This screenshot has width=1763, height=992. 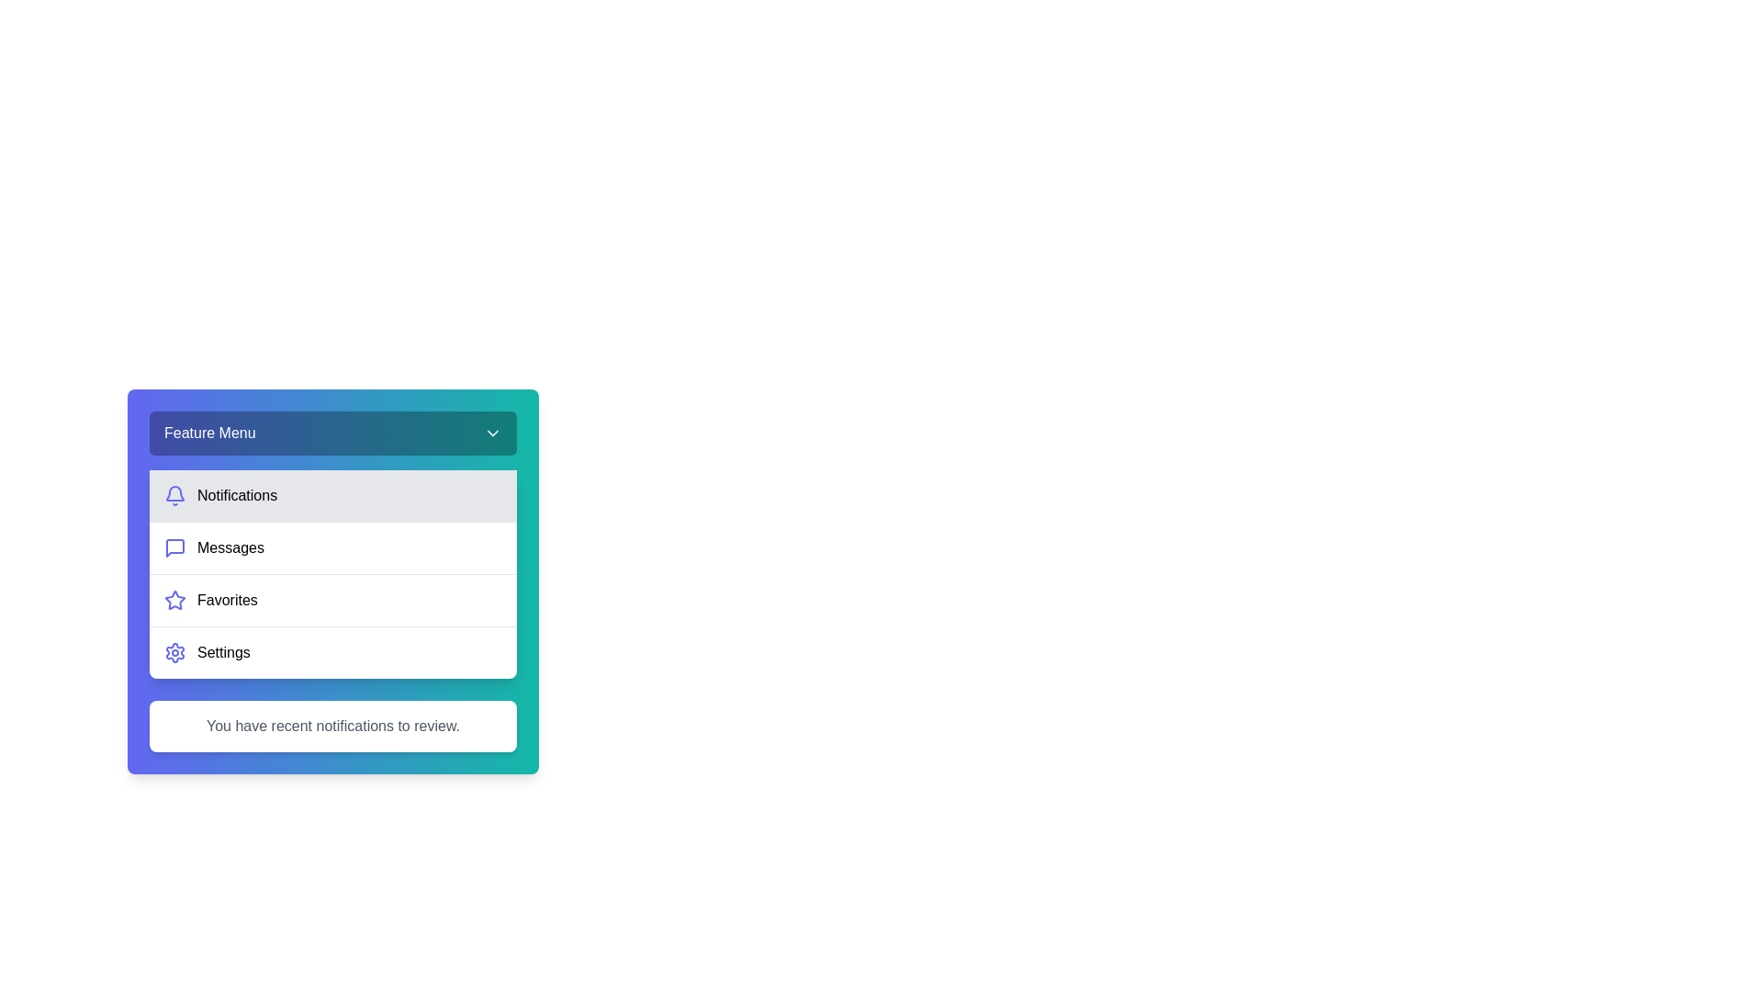 I want to click on the speech bubble icon outlined in blue with rounded corners, located to the left of the 'Messages' text label in the central menu of the UI, so click(x=175, y=547).